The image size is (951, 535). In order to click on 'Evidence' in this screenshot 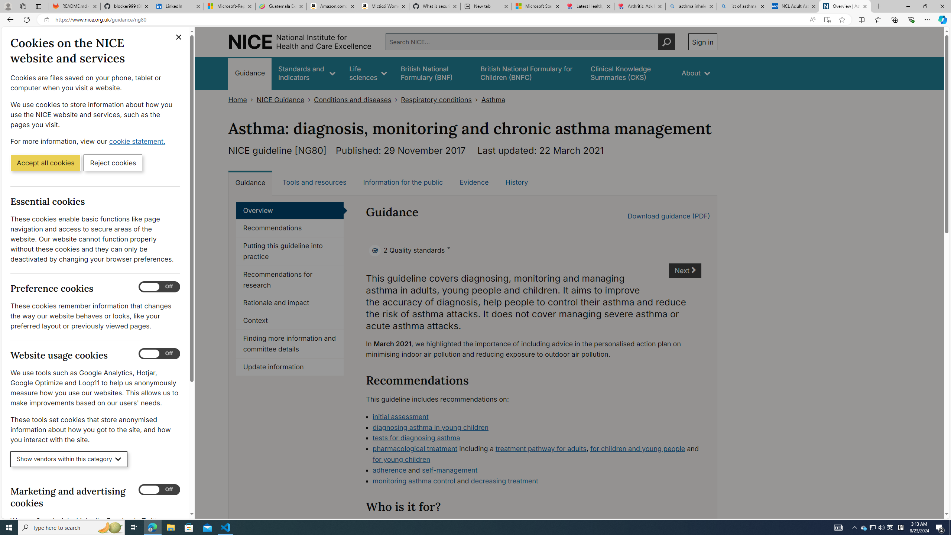, I will do `click(474, 182)`.